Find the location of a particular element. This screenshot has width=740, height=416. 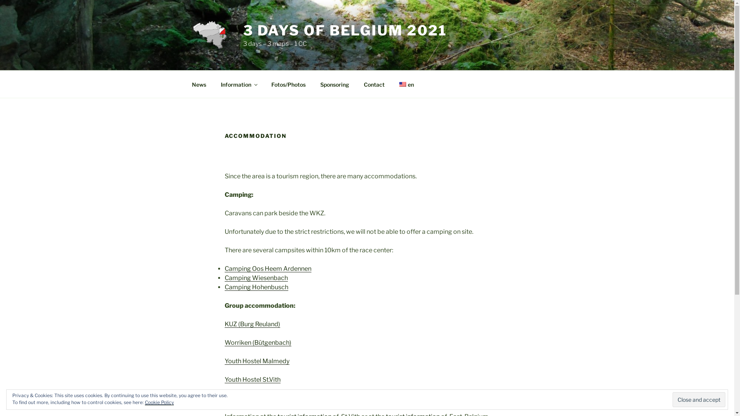

'Close and accept' is located at coordinates (699, 399).